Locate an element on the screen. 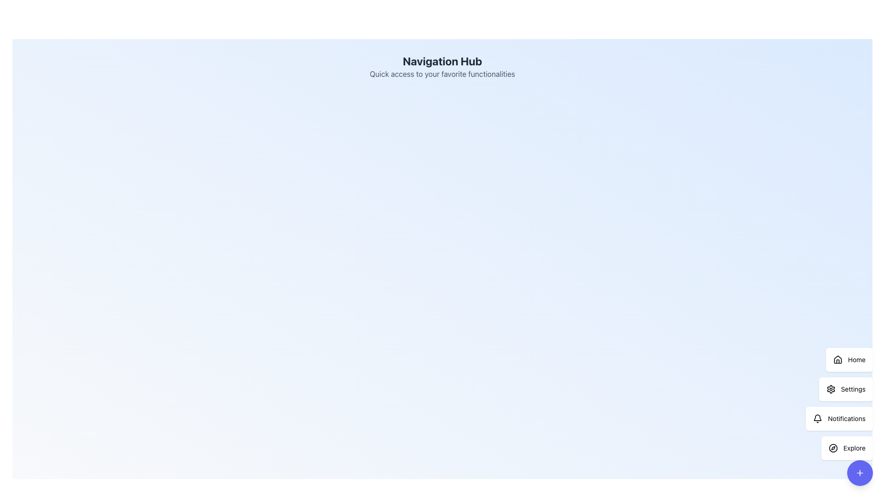 The height and width of the screenshot is (497, 884). the decorative vector graphic of the compass icon located adjacent to the 'Explore' button in the navigation interface is located at coordinates (833, 448).